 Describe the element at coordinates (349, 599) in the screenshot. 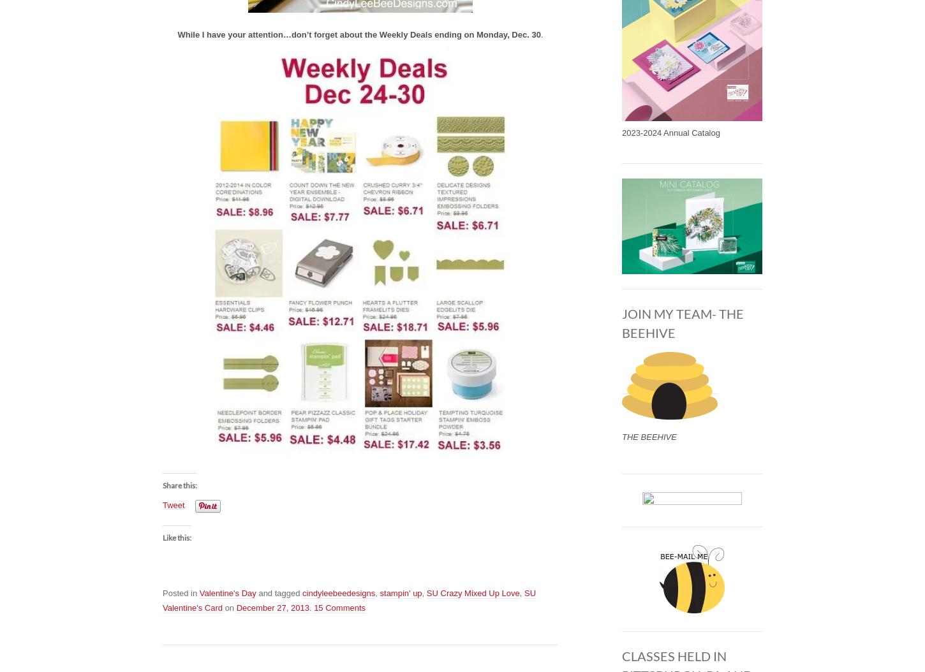

I see `'SU Valentine's Card'` at that location.